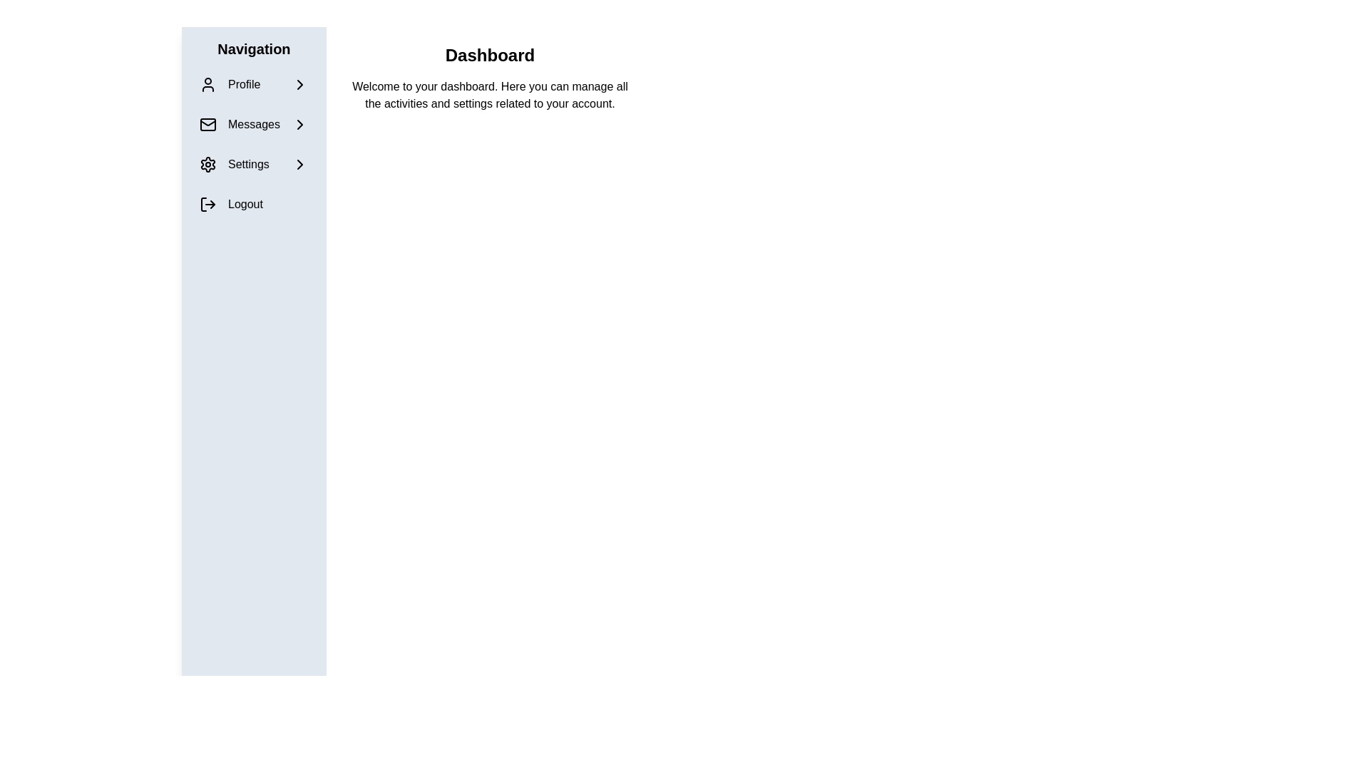 Image resolution: width=1369 pixels, height=770 pixels. What do you see at coordinates (490, 54) in the screenshot?
I see `the large, bold 'Dashboard' heading text` at bounding box center [490, 54].